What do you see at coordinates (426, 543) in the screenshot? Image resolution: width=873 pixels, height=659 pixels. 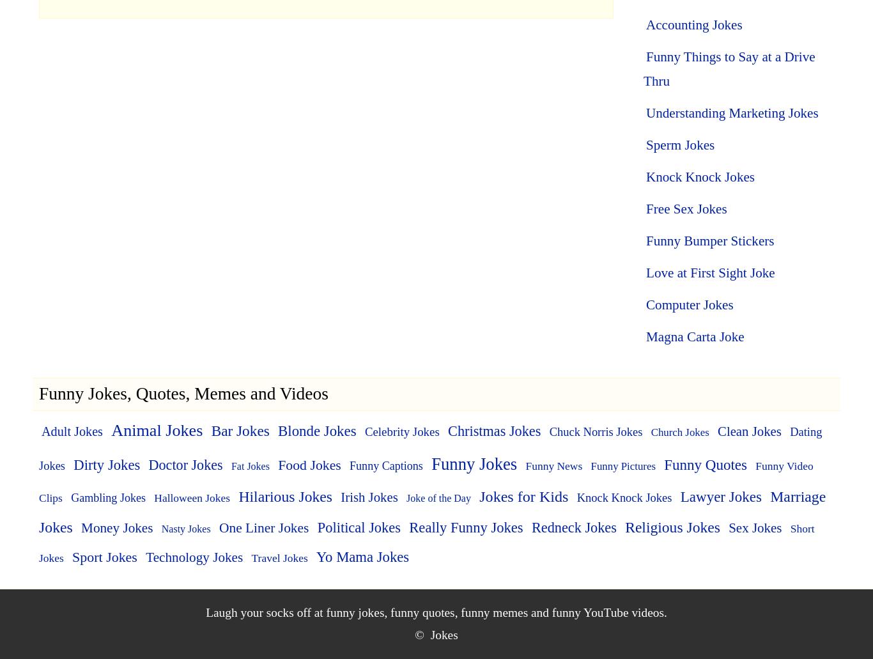 I see `'Short Jokes'` at bounding box center [426, 543].